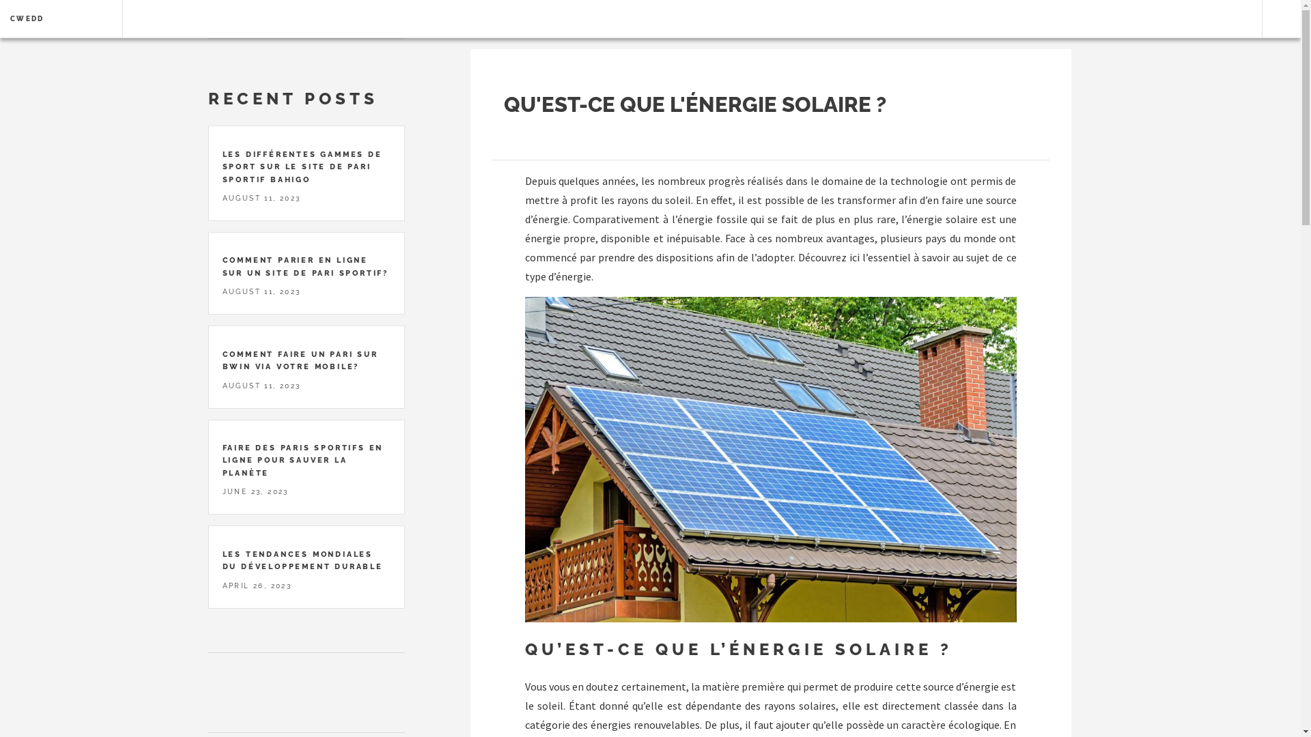  What do you see at coordinates (300, 360) in the screenshot?
I see `'COMMENT FAIRE UN PARI SUR BWIN VIA VOTRE MOBILE?'` at bounding box center [300, 360].